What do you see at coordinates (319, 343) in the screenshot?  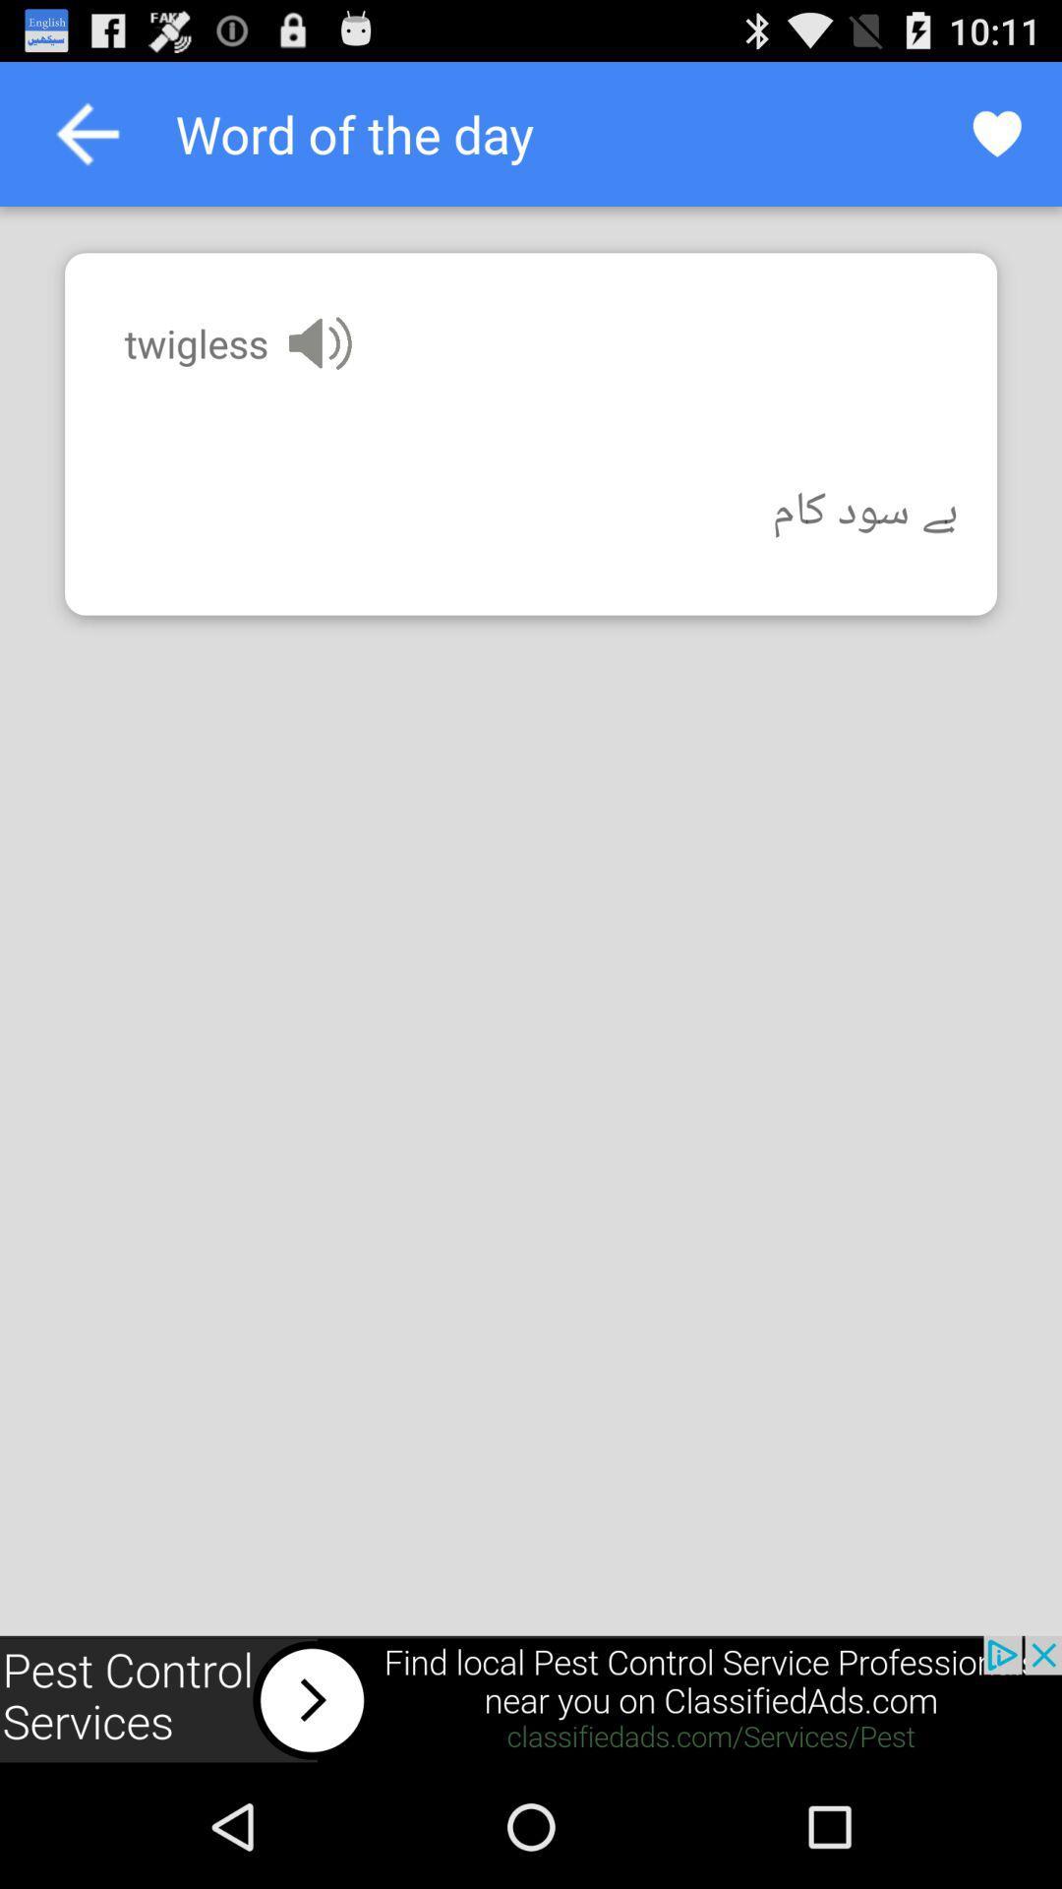 I see `hear how the word is pronounced` at bounding box center [319, 343].